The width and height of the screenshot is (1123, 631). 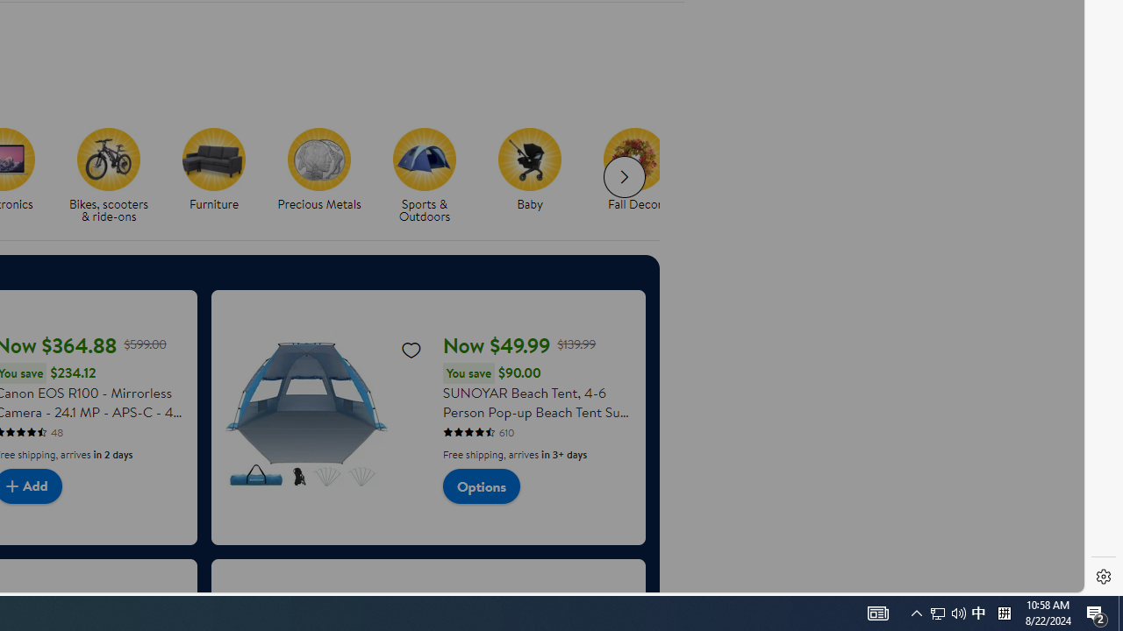 What do you see at coordinates (535, 176) in the screenshot?
I see `'Baby'` at bounding box center [535, 176].